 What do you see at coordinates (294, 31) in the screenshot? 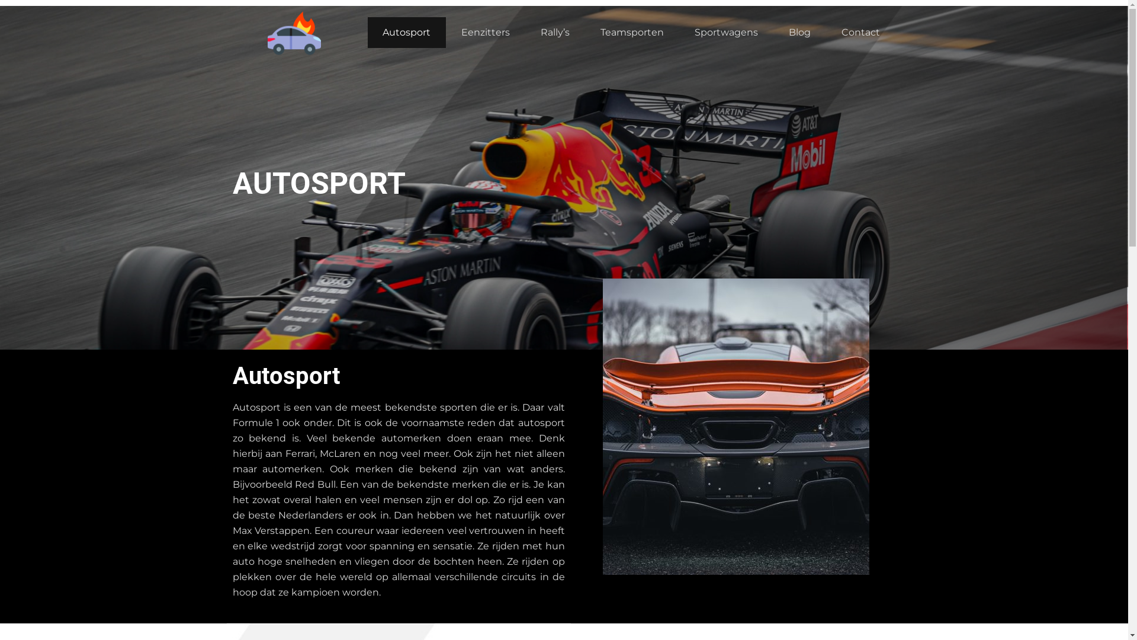
I see `'icons8-car-fire-96'` at bounding box center [294, 31].